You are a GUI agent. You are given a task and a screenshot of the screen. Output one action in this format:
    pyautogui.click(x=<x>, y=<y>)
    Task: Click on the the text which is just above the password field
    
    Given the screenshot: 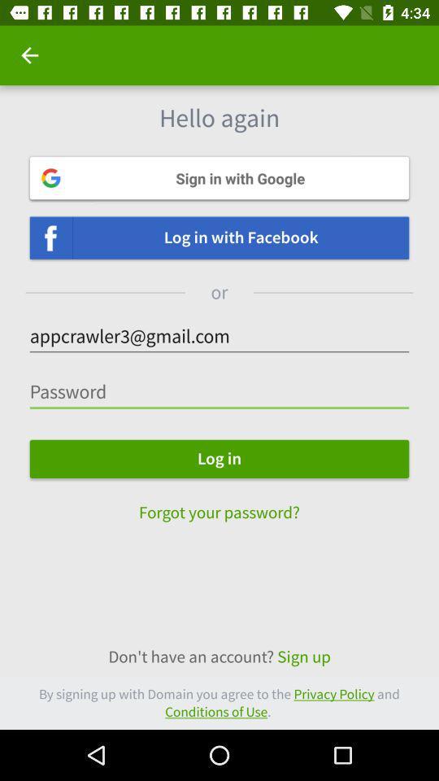 What is the action you would take?
    pyautogui.click(x=219, y=337)
    